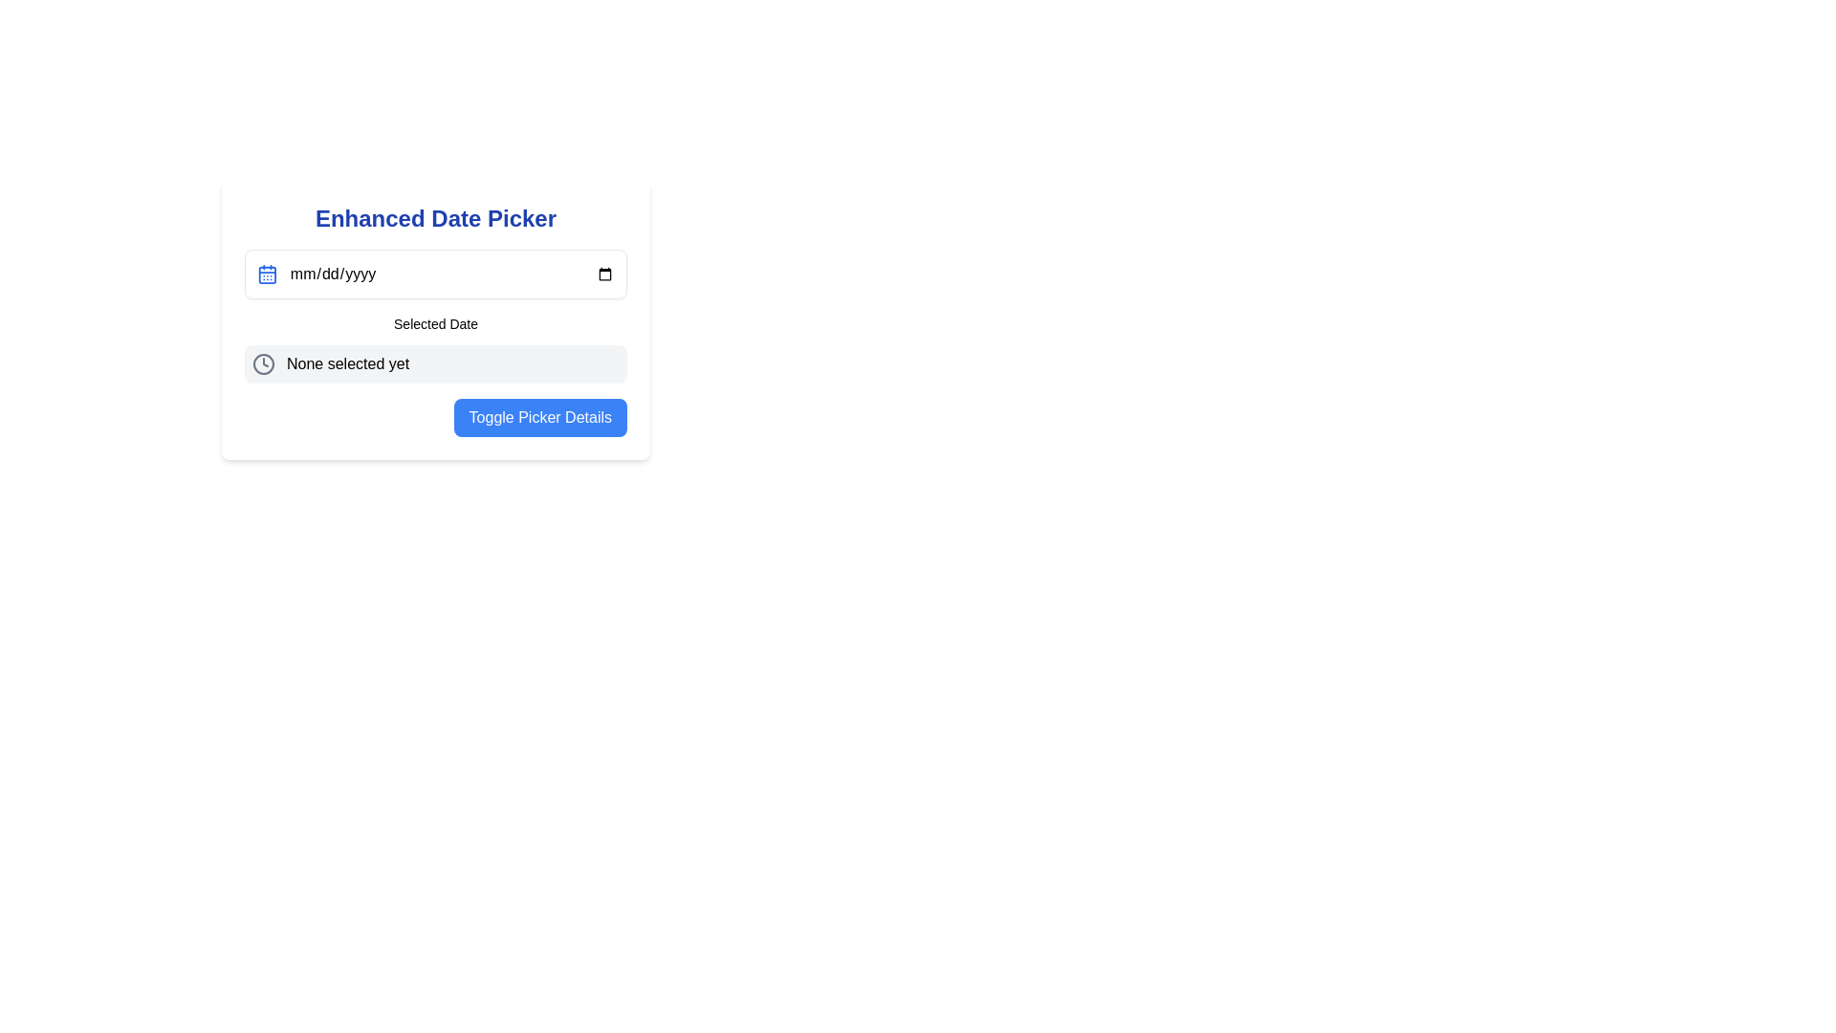 The image size is (1836, 1033). I want to click on the small blue calendar icon located at the leftmost part of the date picker interface, so click(266, 274).